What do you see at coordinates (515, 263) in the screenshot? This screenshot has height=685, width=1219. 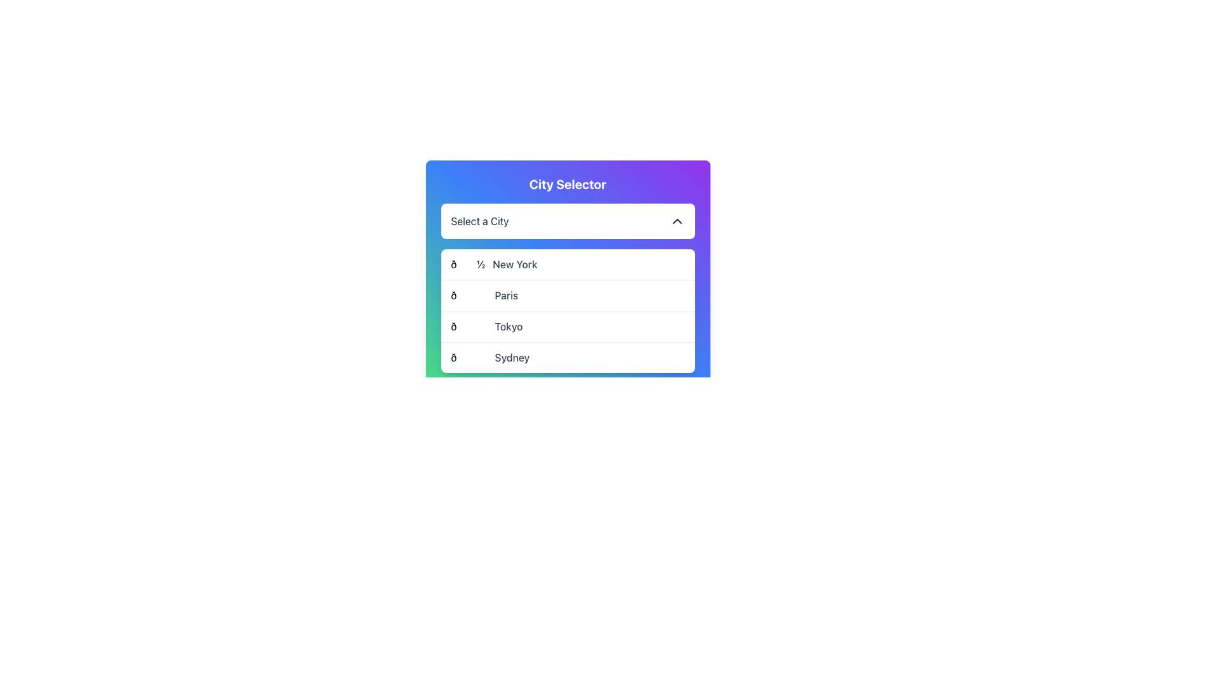 I see `the 'New York' text label located in the second row of the 'City Selector' dropdown` at bounding box center [515, 263].